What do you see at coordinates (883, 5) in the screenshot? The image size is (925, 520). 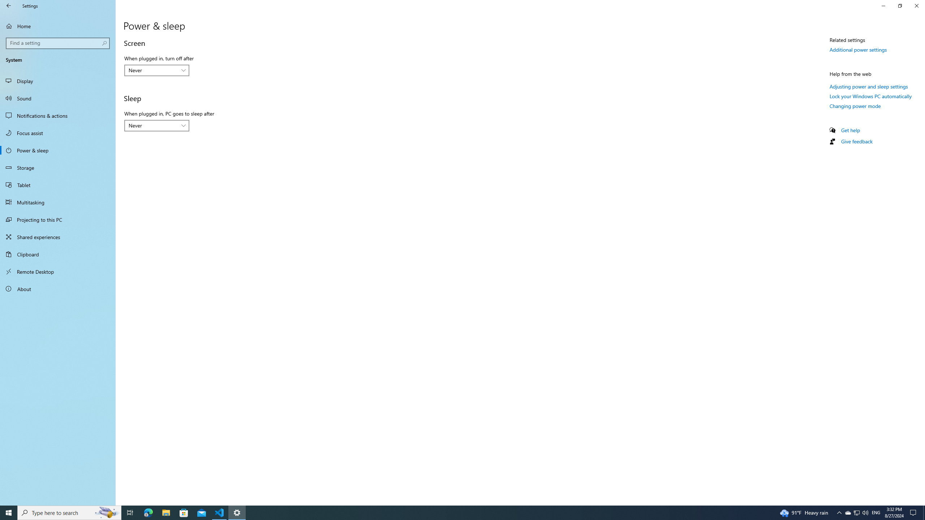 I see `'Minimize Settings'` at bounding box center [883, 5].